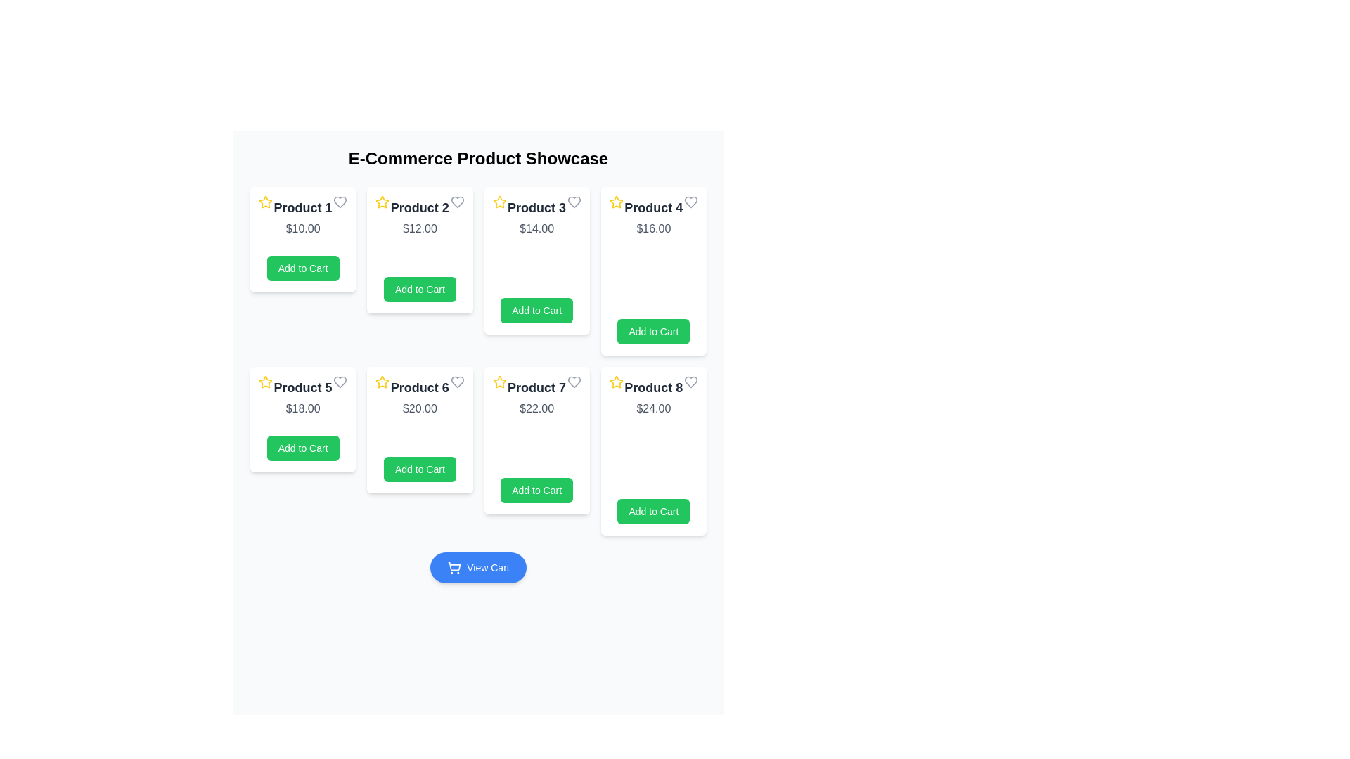 The width and height of the screenshot is (1350, 759). I want to click on the star icon located at the top-left corner of the 'Product 4' card to mark or unmark the product as a favorite, so click(616, 202).